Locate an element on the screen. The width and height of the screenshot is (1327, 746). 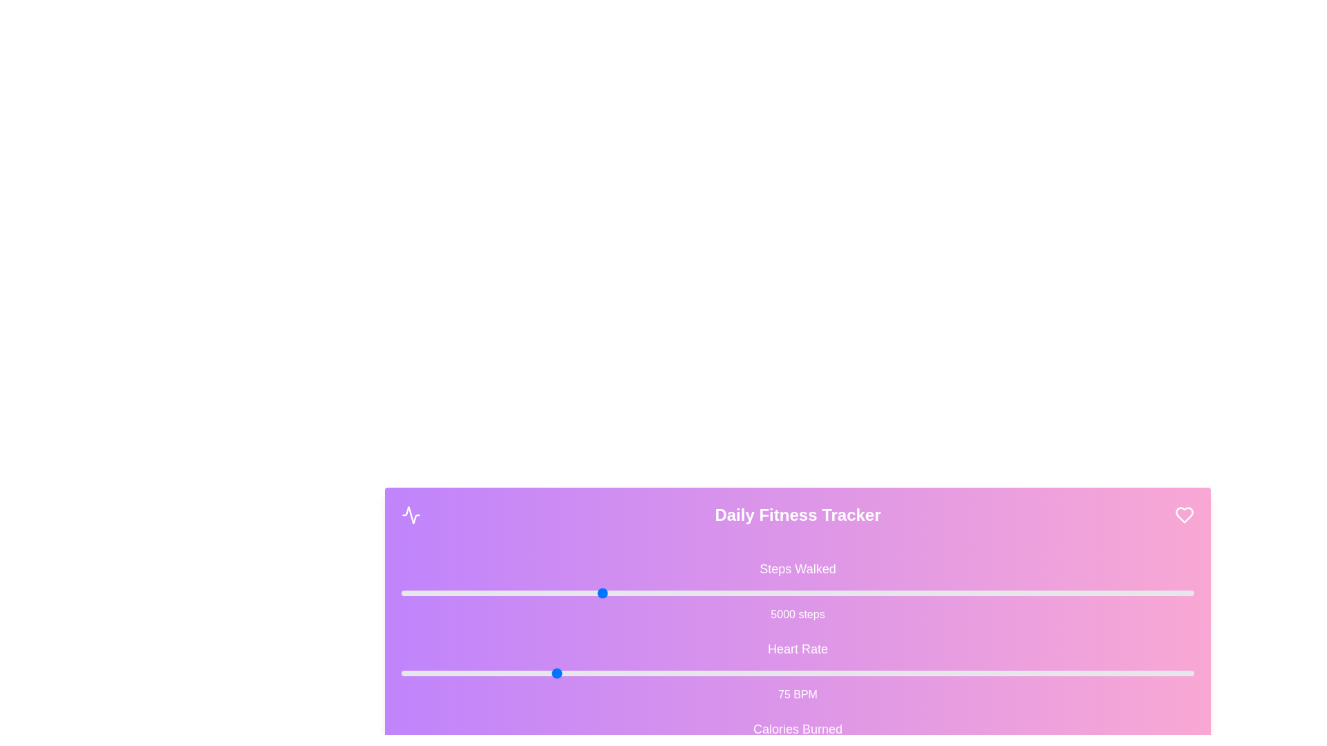
the 'Steps Walked' slider to set its value to 13615 is located at coordinates (940, 593).